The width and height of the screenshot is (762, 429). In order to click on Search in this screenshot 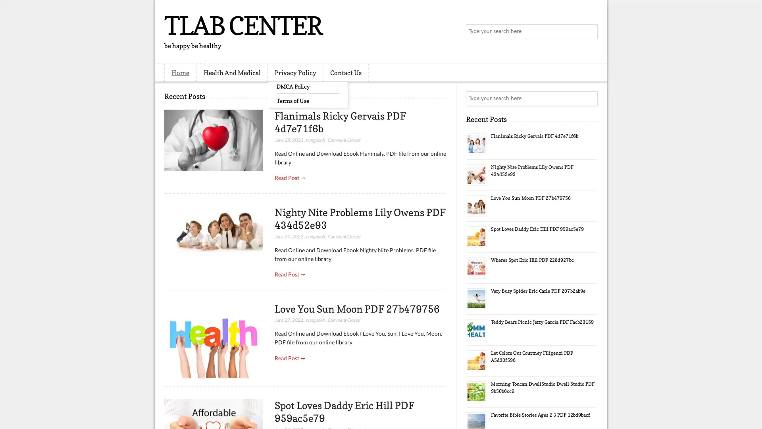, I will do `click(589, 99)`.